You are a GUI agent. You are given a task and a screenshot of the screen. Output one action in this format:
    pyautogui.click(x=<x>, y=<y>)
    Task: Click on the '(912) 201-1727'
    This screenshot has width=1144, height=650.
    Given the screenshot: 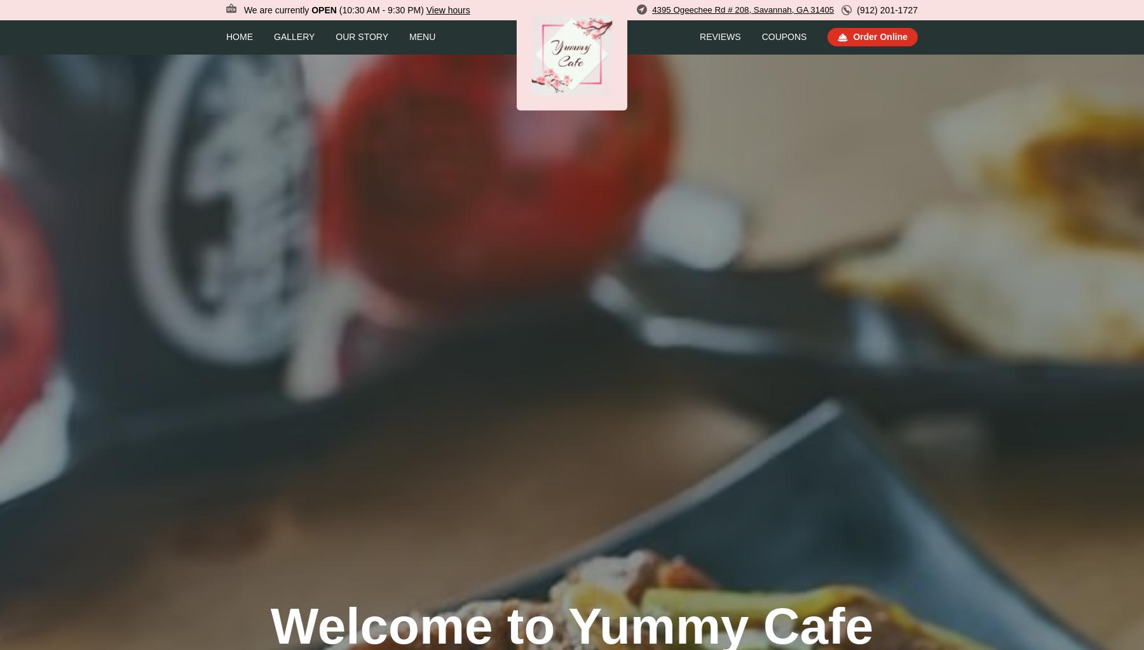 What is the action you would take?
    pyautogui.click(x=887, y=9)
    